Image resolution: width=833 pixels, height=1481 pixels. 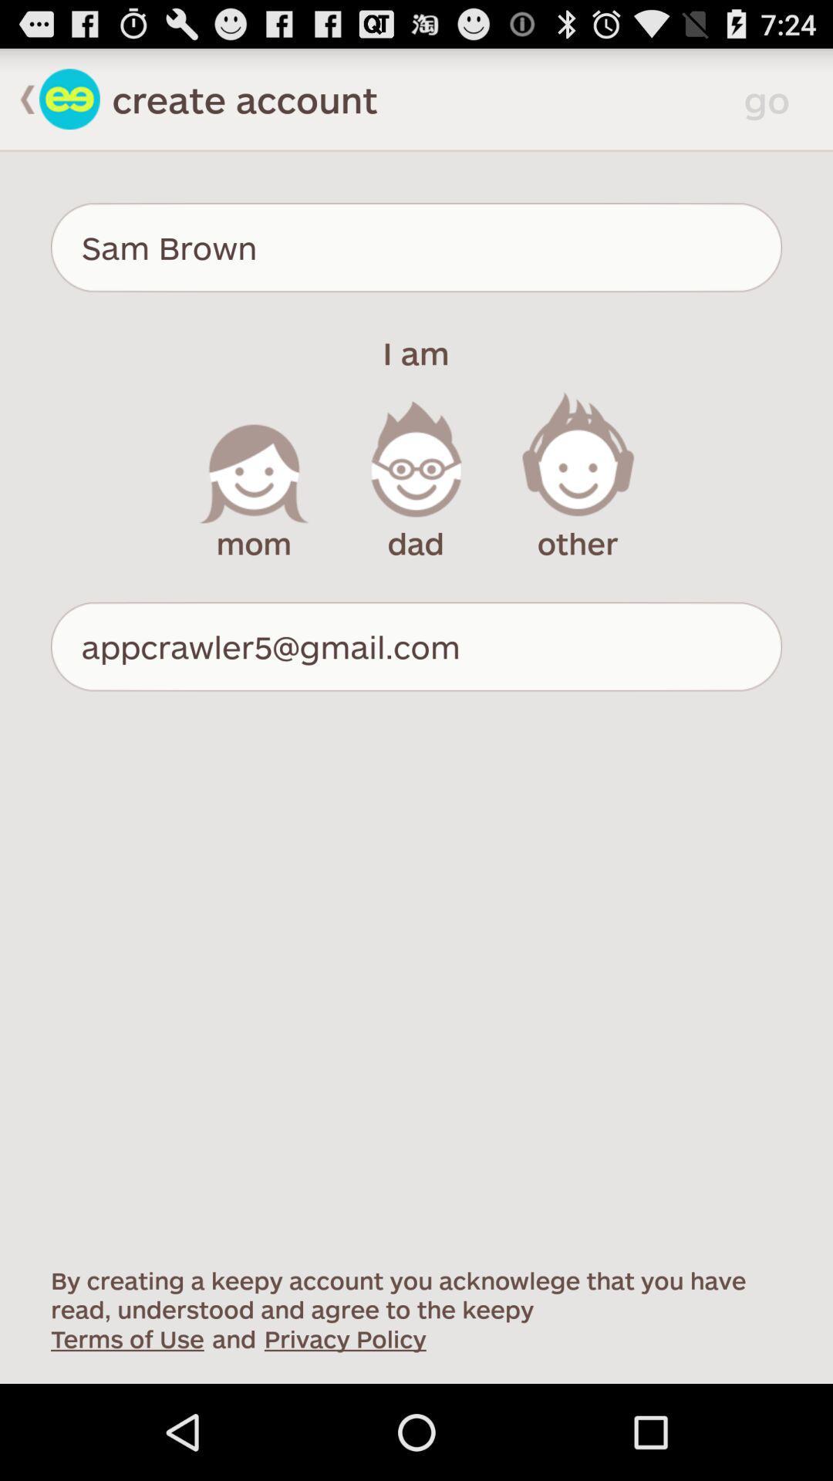 I want to click on go button, so click(x=772, y=98).